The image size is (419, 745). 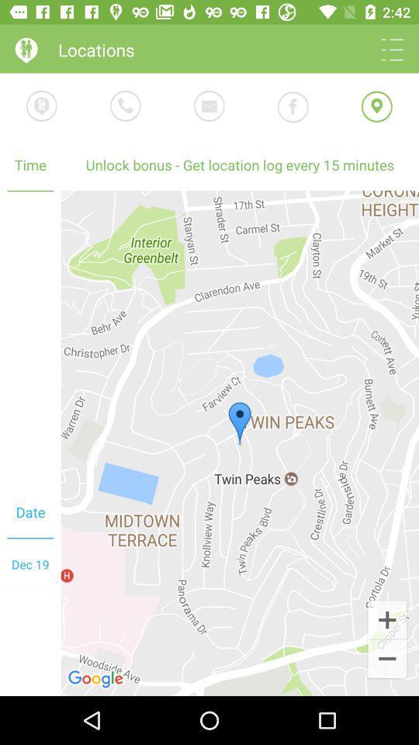 What do you see at coordinates (240, 443) in the screenshot?
I see `the icon at the center` at bounding box center [240, 443].